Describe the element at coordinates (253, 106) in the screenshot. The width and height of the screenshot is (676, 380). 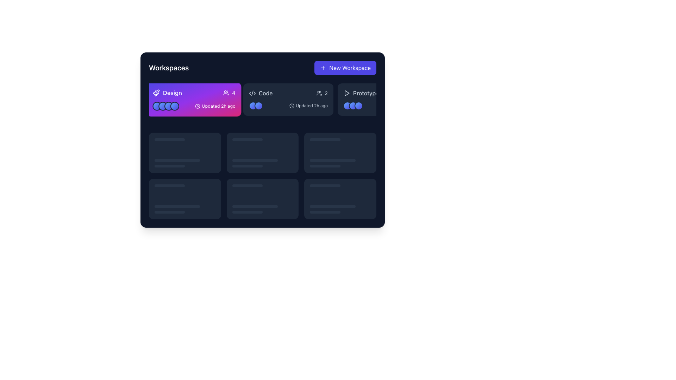
I see `the first decorative indicator badge, which is a circular badge with a gradient from blue to indigo and a slate-gray border, located in the second dashboard card labeled 'Code'` at that location.